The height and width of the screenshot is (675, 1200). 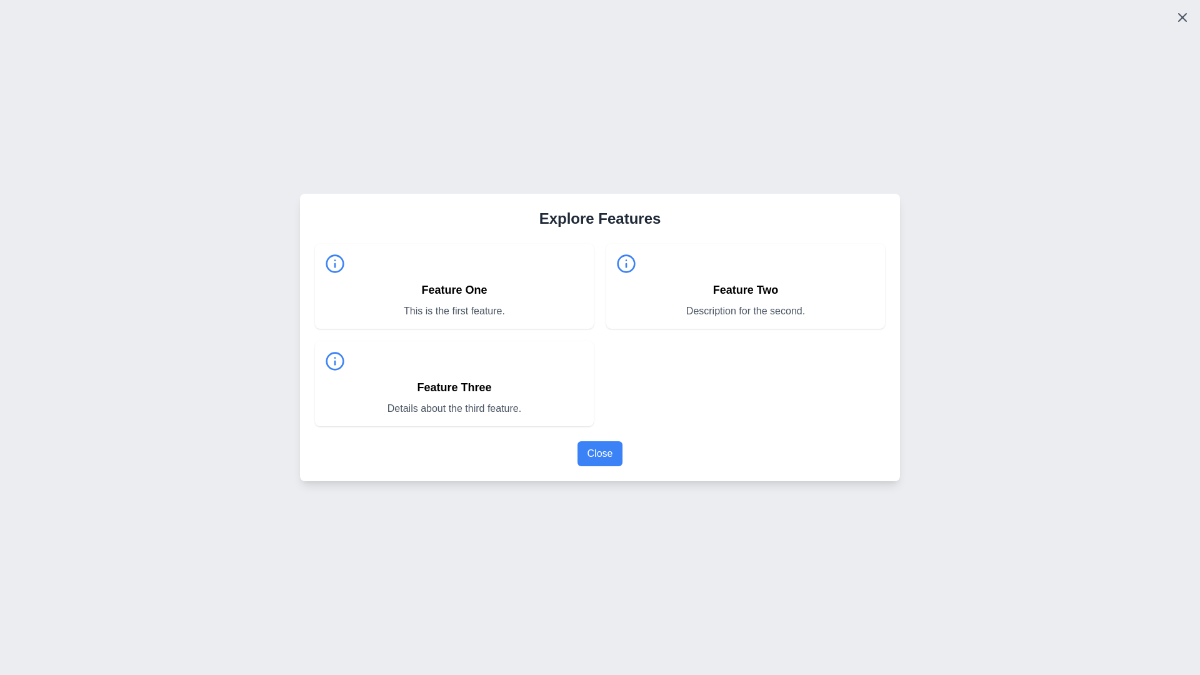 What do you see at coordinates (746, 310) in the screenshot?
I see `the text label providing additional information about 'Feature Two', located below the heading 'Feature Two' in the card section` at bounding box center [746, 310].